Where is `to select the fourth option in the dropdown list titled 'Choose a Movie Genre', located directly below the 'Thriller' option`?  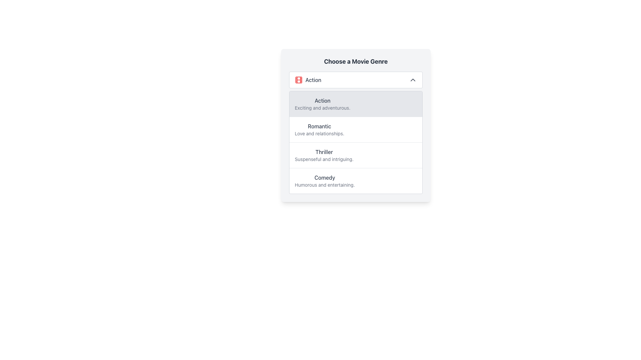 to select the fourth option in the dropdown list titled 'Choose a Movie Genre', located directly below the 'Thriller' option is located at coordinates (325, 181).